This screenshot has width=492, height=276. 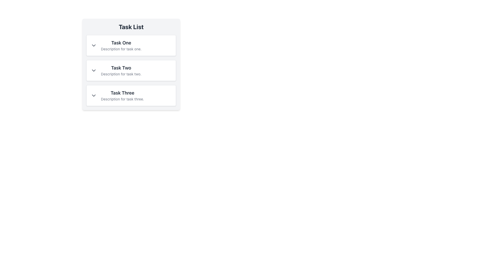 I want to click on description of the text display element titled 'Task Two' which contains the subtitle 'Description for task two.', so click(x=121, y=71).